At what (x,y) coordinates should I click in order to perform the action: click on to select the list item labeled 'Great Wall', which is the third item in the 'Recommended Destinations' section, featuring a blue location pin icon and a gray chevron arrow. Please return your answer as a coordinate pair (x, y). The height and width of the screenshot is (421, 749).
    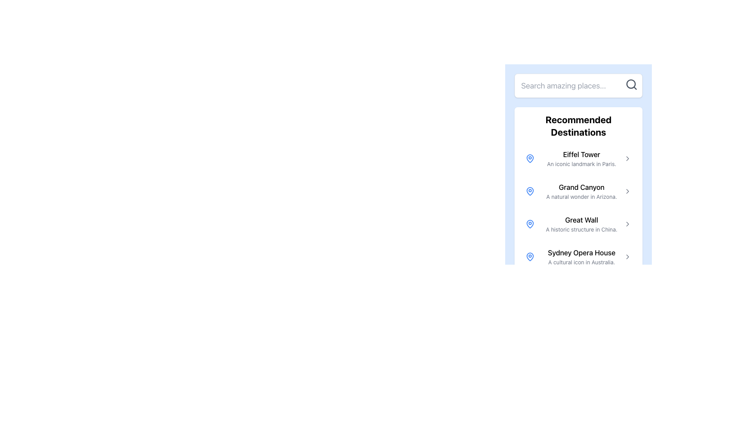
    Looking at the image, I should click on (579, 224).